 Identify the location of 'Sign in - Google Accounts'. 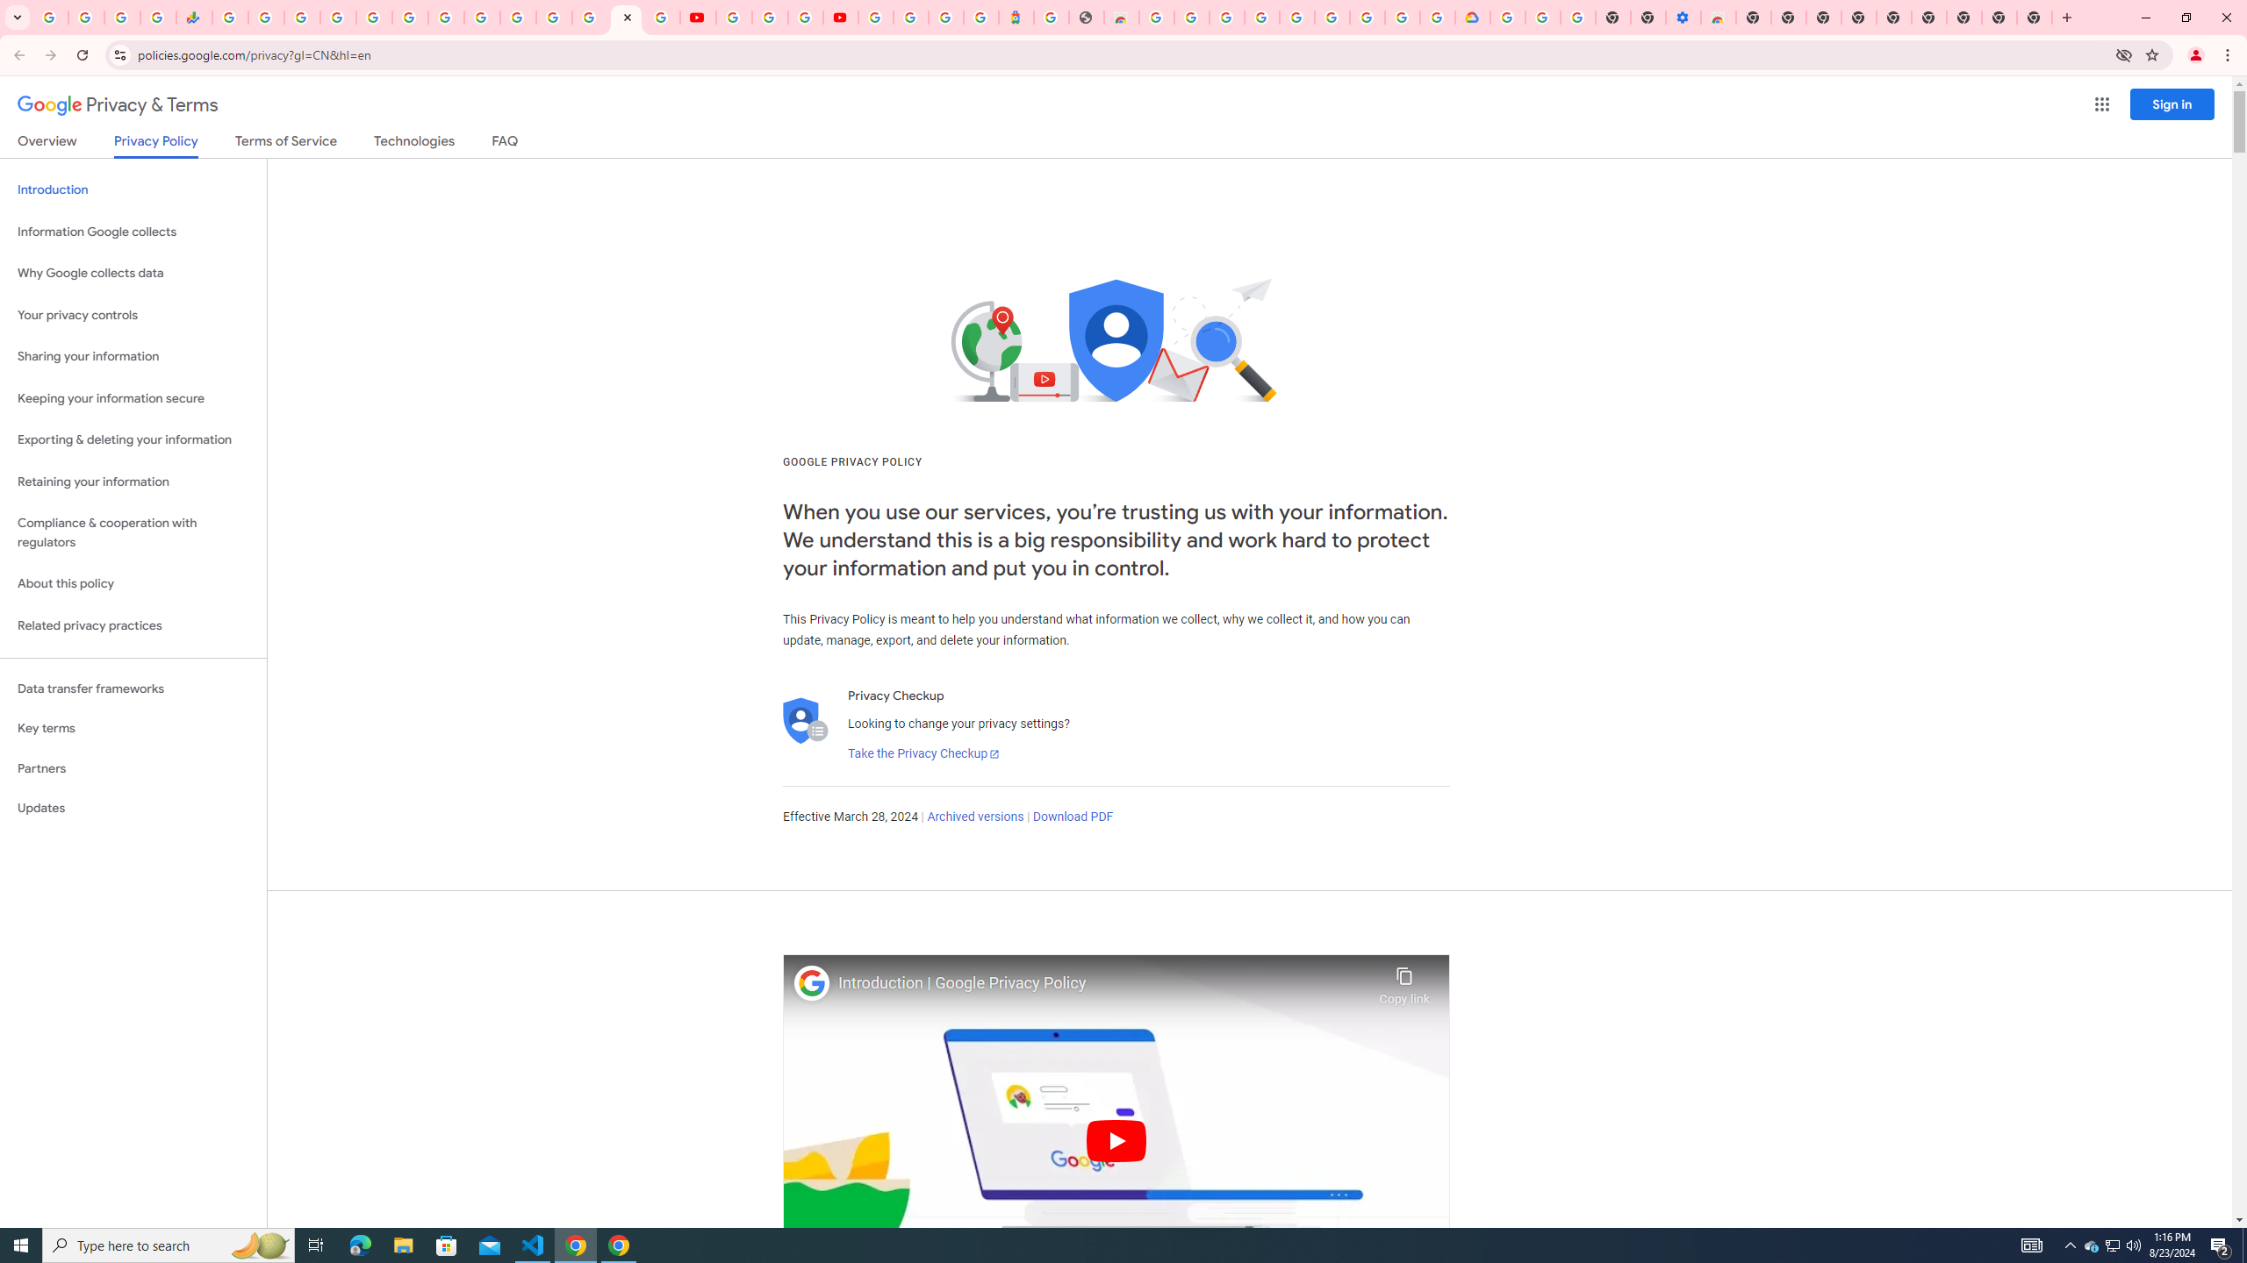
(518, 17).